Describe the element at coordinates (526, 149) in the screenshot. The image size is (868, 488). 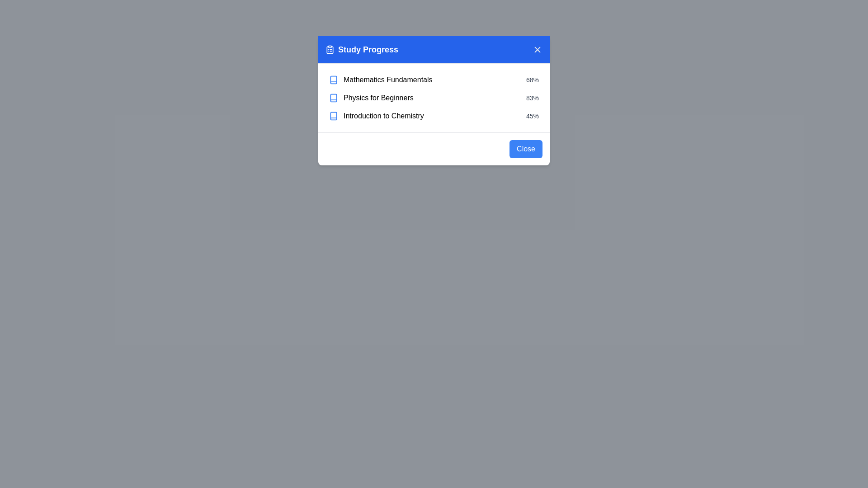
I see `the close button located at the bottom-right corner of the modal dialog, which dismisses the dialog's content` at that location.